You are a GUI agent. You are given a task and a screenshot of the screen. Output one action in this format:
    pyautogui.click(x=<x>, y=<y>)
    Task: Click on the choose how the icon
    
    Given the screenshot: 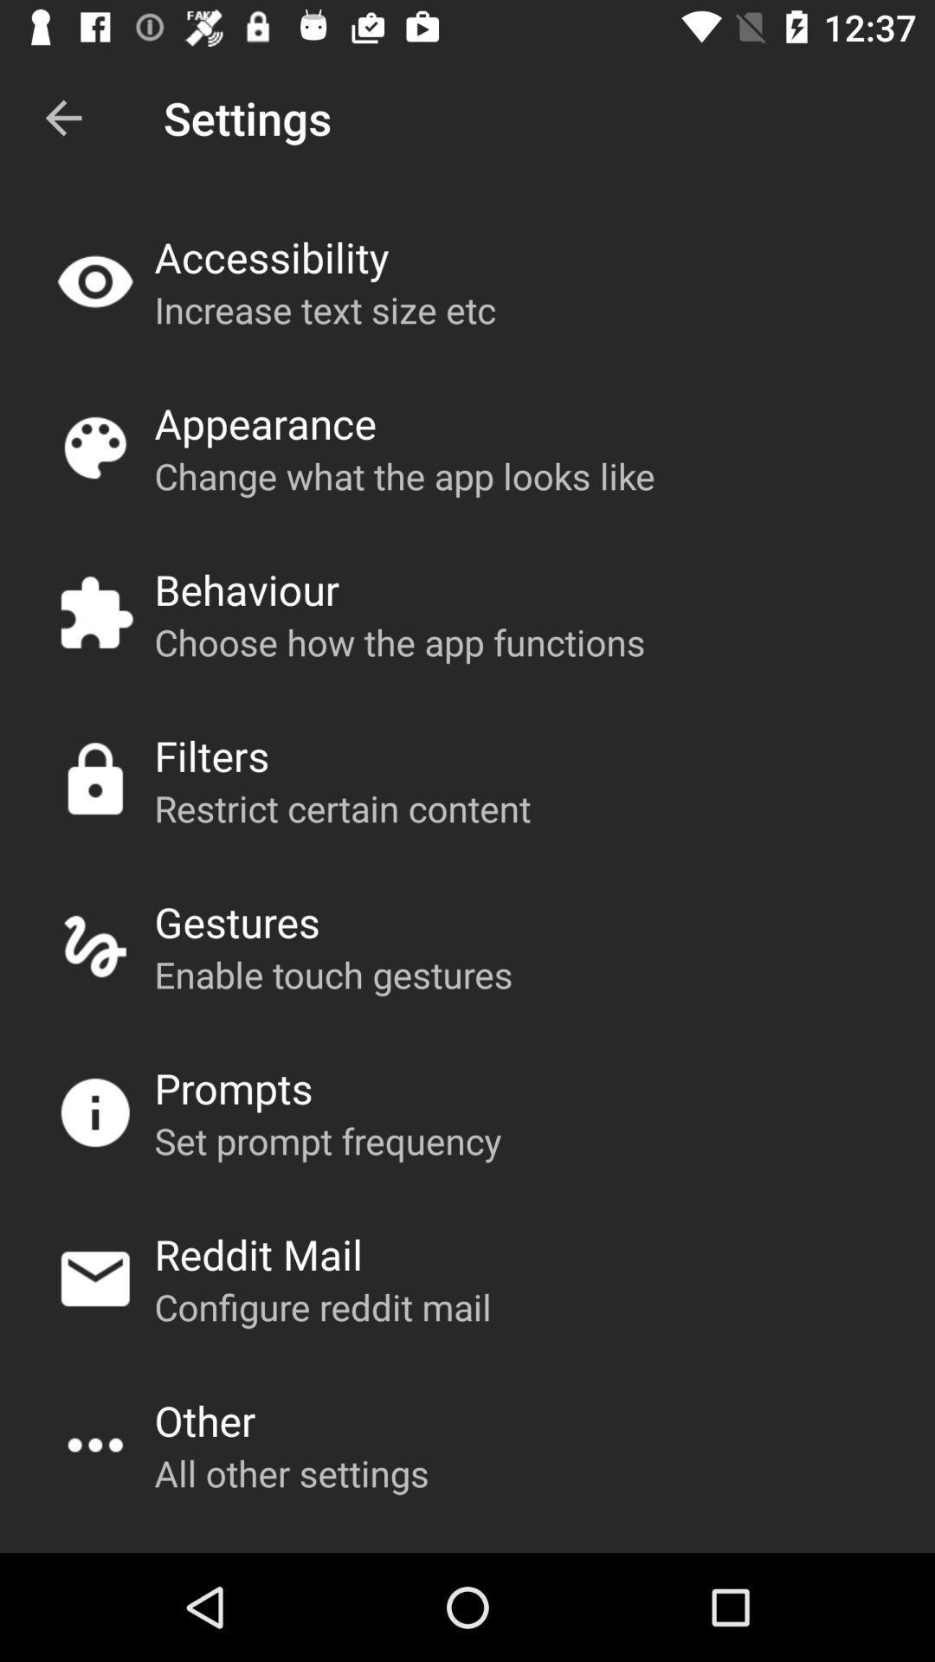 What is the action you would take?
    pyautogui.click(x=400, y=641)
    